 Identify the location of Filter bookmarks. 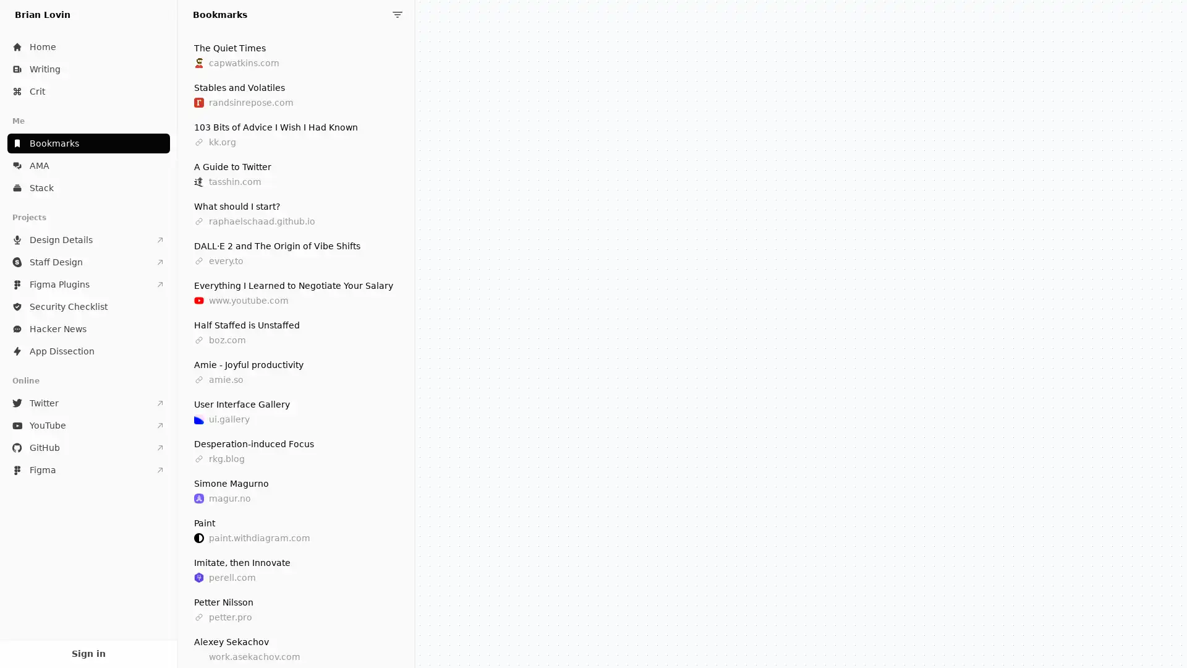
(398, 14).